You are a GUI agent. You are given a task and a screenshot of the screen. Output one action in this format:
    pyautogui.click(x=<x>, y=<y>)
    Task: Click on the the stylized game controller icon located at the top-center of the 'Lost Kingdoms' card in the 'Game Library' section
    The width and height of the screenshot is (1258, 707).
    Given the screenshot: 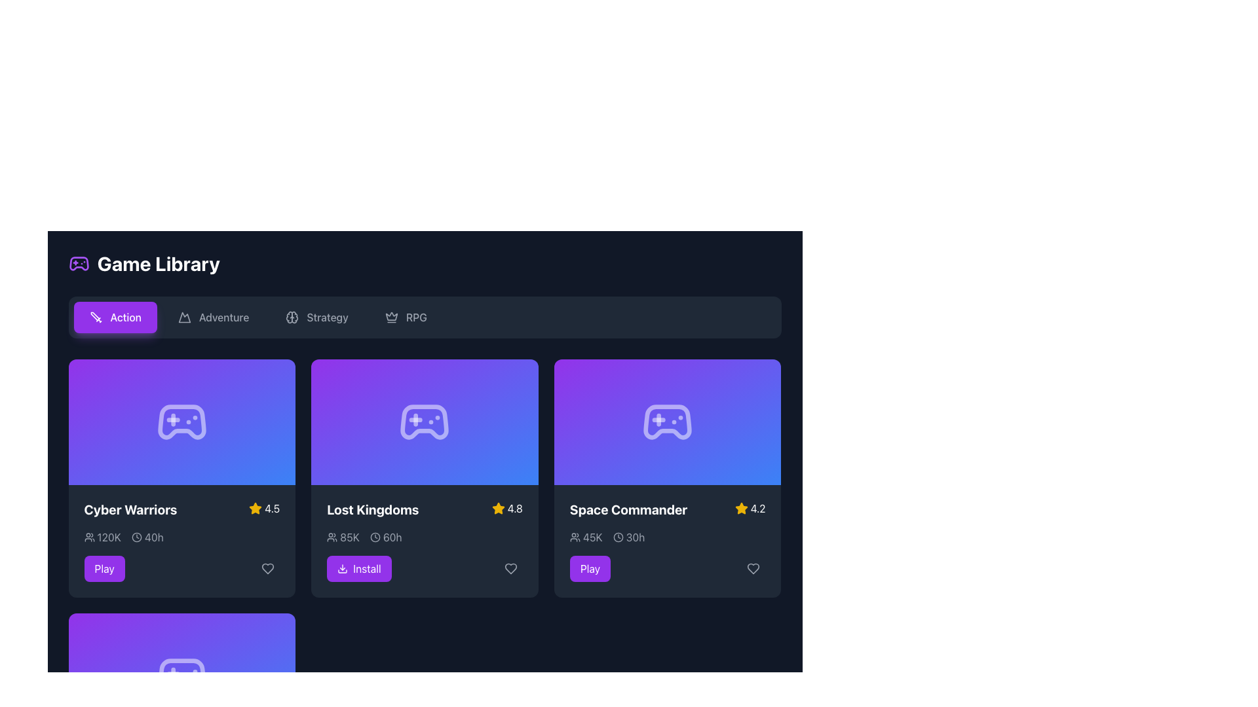 What is the action you would take?
    pyautogui.click(x=425, y=422)
    